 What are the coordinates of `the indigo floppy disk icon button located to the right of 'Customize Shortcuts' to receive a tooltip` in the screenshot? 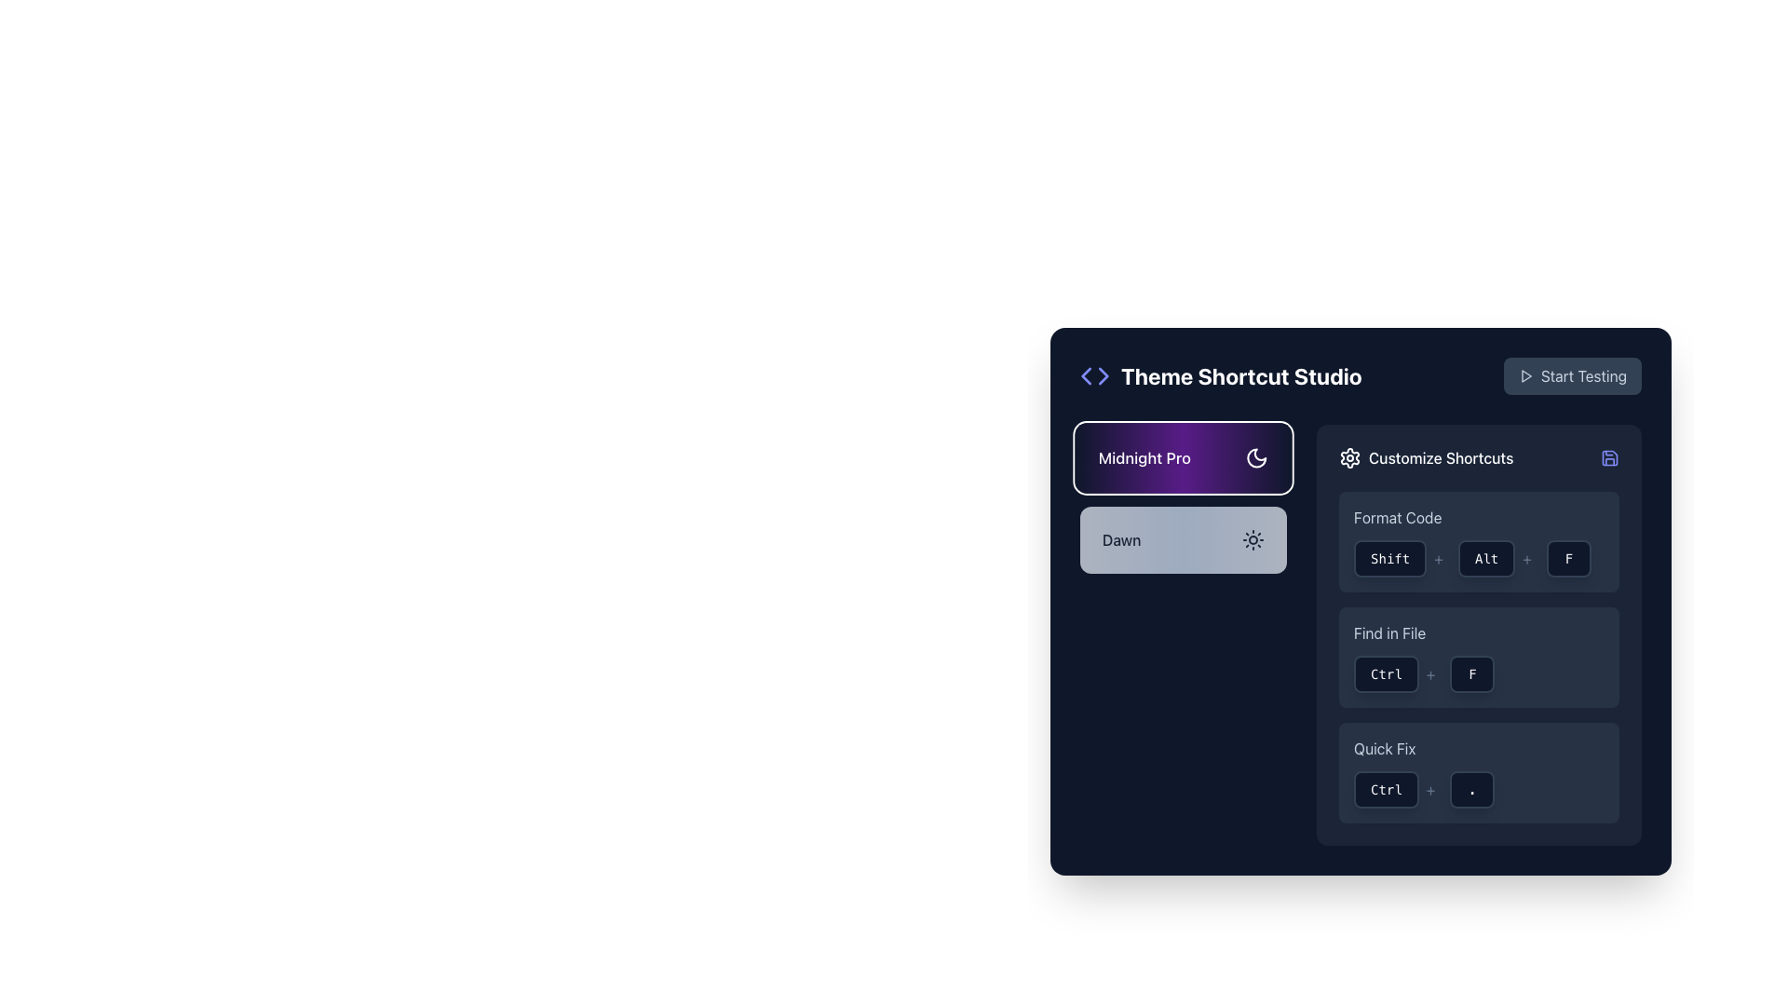 It's located at (1608, 458).